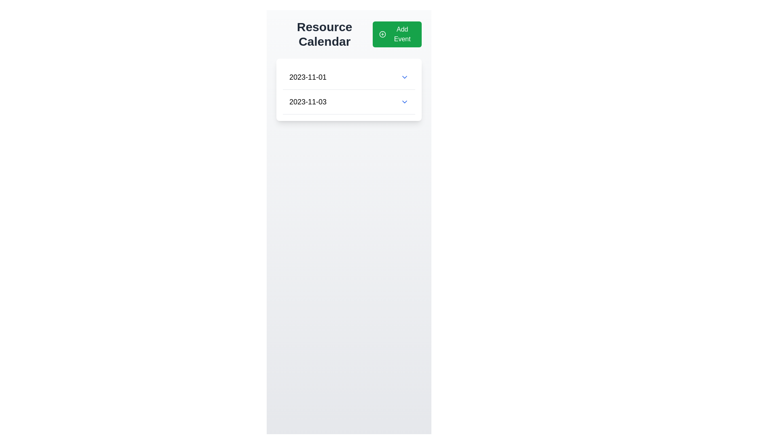 The height and width of the screenshot is (437, 777). I want to click on the Dropdown menu displaying the date '2023-11-01', so click(349, 77).